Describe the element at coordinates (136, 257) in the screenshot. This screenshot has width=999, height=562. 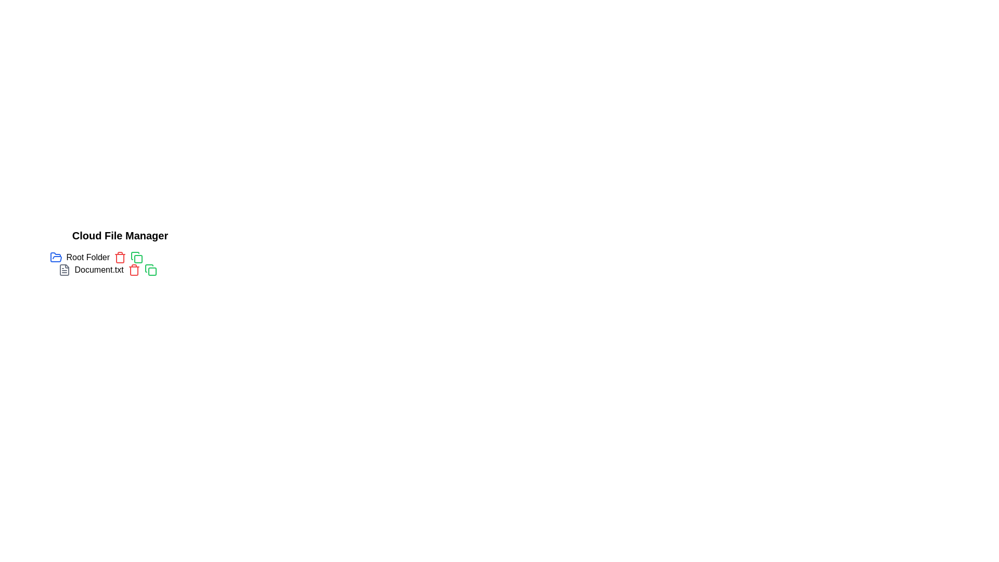
I see `the 'copy' icon located to the right of the 'Root Folder' text` at that location.